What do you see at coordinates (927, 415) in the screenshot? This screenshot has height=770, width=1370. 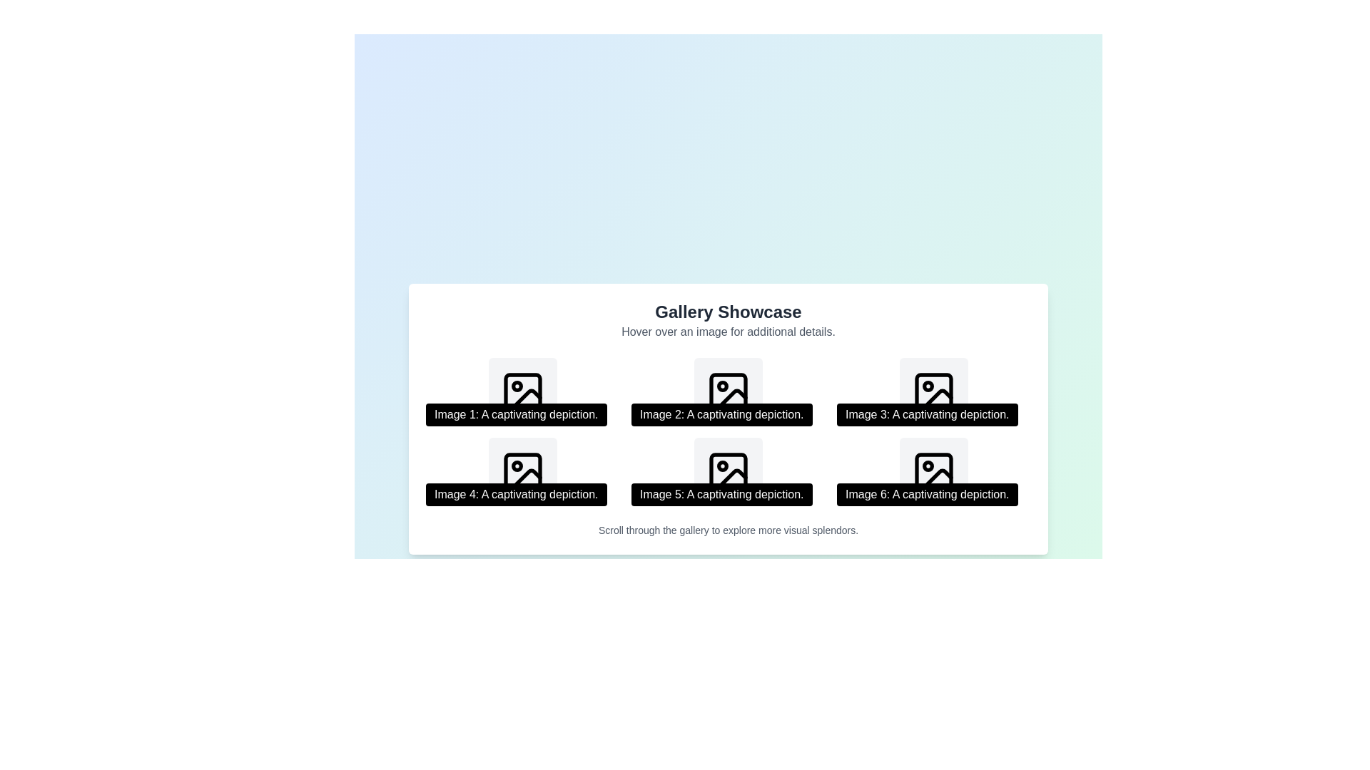 I see `the text label with the content 'Image 3: A captivating depiction.' which has a black background and white text, located beneath the visual representation of 'Image 3'` at bounding box center [927, 415].